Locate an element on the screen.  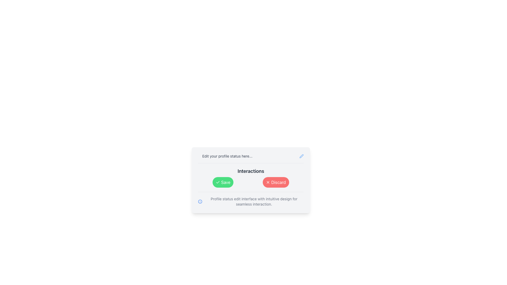
the static text label that instructs 'Edit your profile status here...' located at the top of the card interface is located at coordinates (225, 156).